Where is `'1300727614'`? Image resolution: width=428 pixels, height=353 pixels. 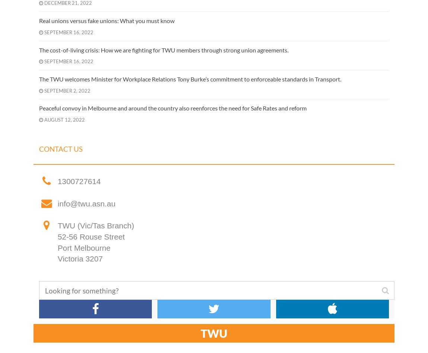 '1300727614' is located at coordinates (79, 180).